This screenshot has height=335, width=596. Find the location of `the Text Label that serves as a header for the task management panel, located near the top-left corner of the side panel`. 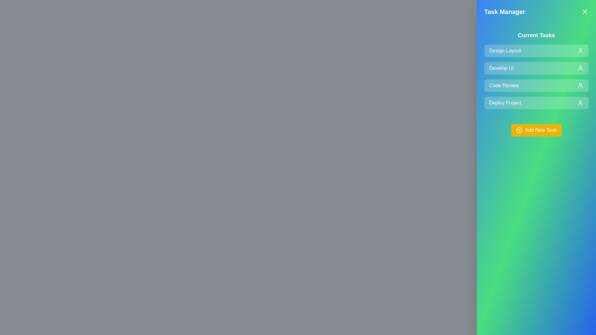

the Text Label that serves as a header for the task management panel, located near the top-left corner of the side panel is located at coordinates (504, 12).